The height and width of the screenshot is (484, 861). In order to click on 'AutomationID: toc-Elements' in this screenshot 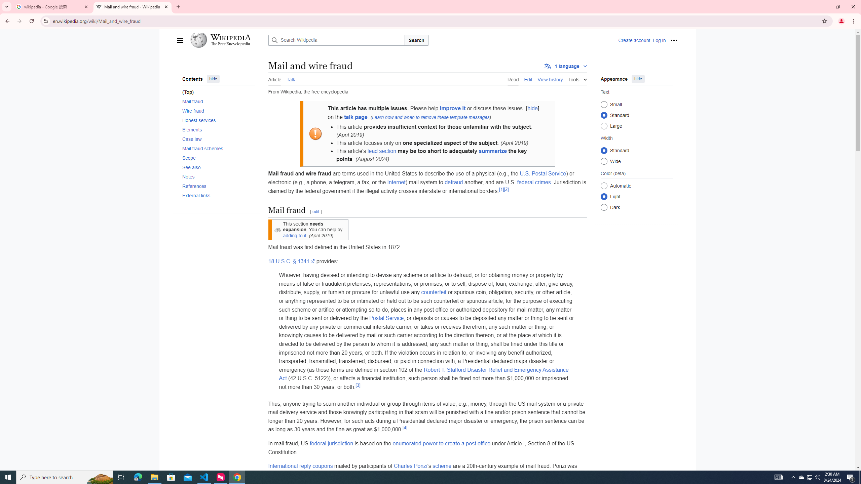, I will do `click(216, 129)`.